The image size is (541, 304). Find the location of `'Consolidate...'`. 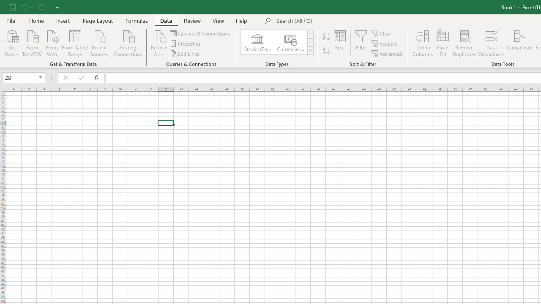

'Consolidate...' is located at coordinates (519, 43).